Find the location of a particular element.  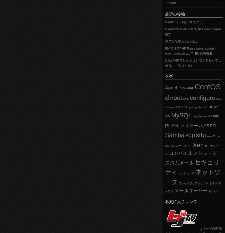

'EC-CUBE' is located at coordinates (182, 106).